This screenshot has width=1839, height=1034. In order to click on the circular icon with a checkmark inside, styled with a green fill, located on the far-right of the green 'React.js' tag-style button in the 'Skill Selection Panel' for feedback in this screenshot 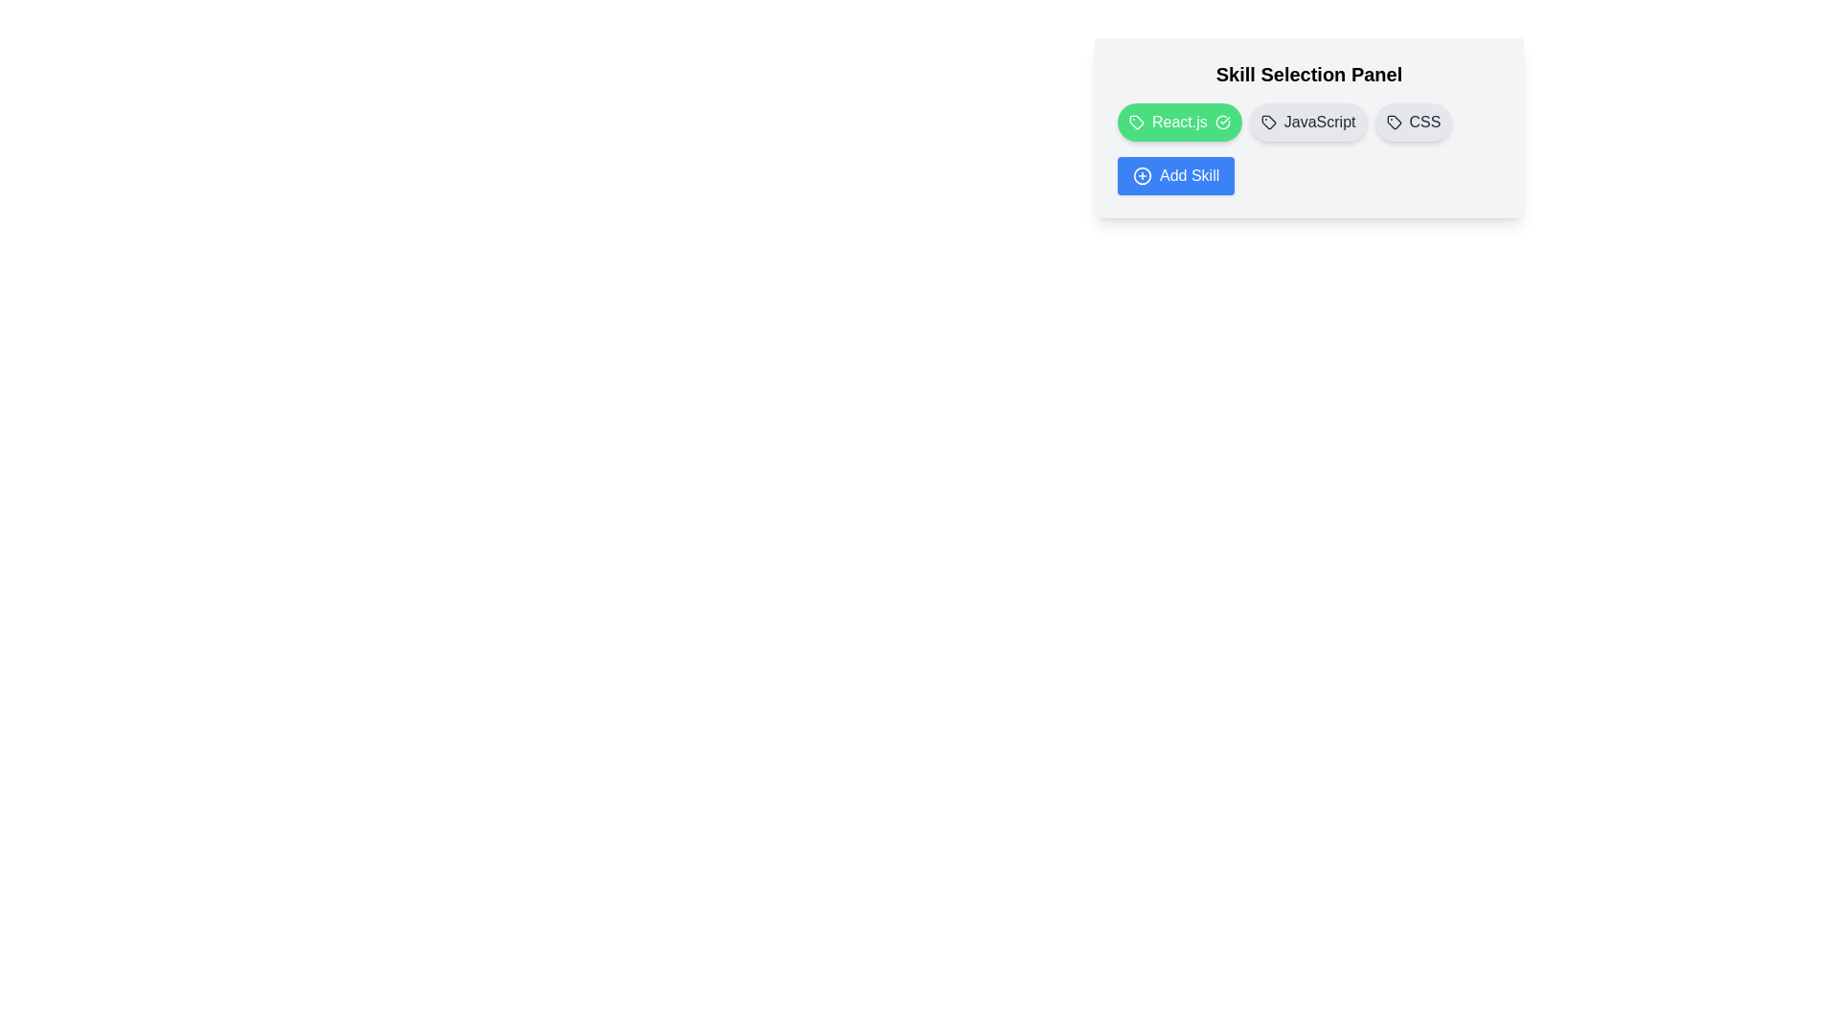, I will do `click(1221, 122)`.